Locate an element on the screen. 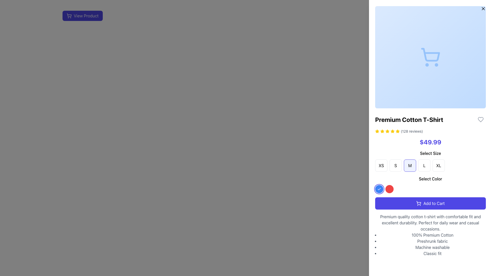 This screenshot has width=492, height=276. the text label displaying '(128 reviews)' to trigger a tooltip, located immediately to the right of the five yellow star icons is located at coordinates (412, 131).